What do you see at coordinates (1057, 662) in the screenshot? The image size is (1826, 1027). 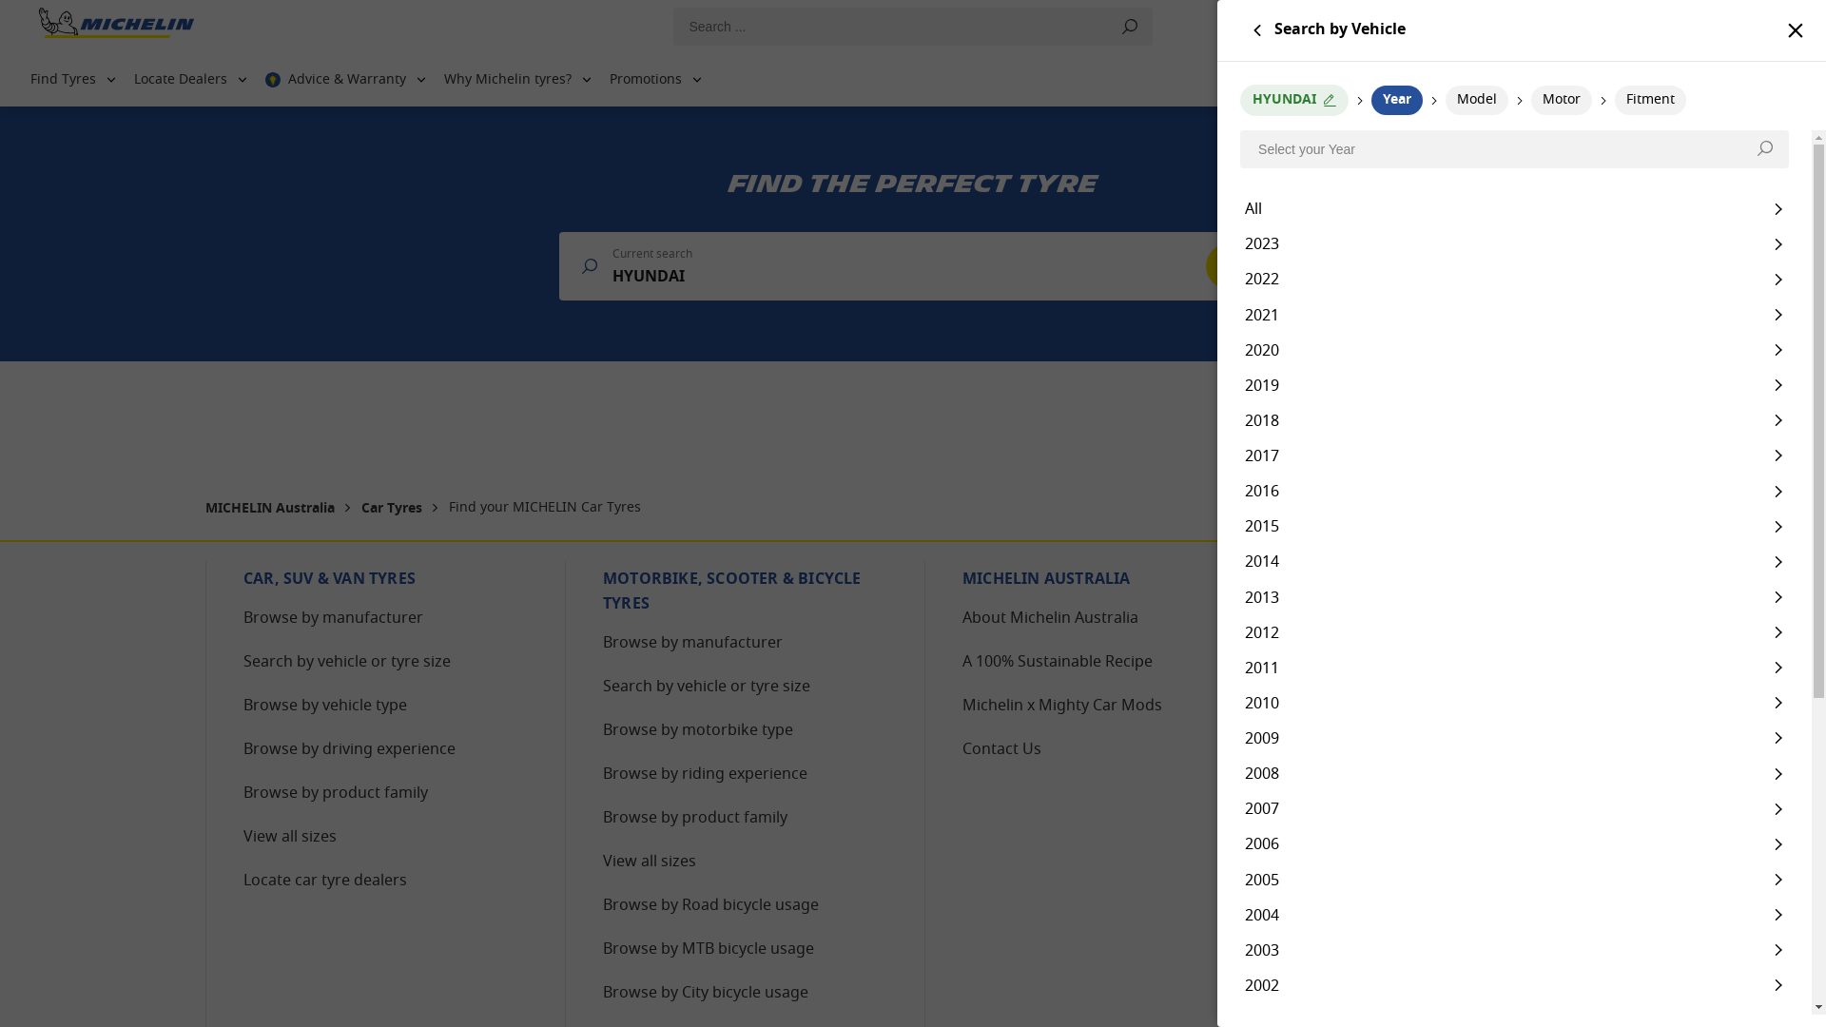 I see `'A 100% Sustainable Recipe'` at bounding box center [1057, 662].